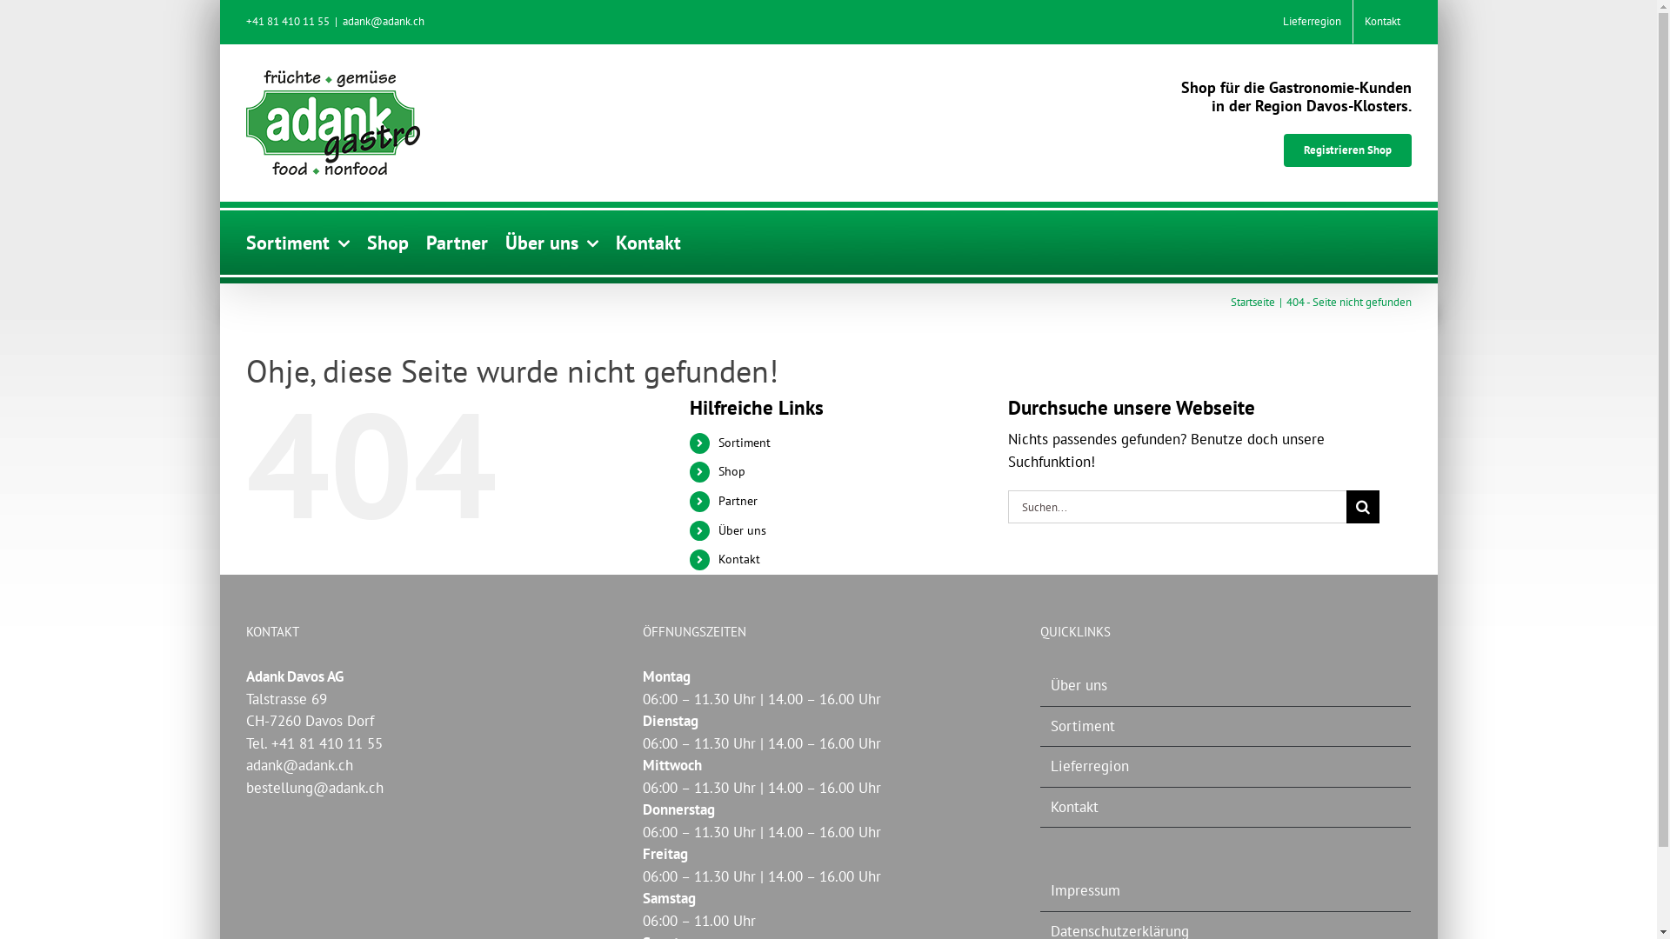  Describe the element at coordinates (738, 500) in the screenshot. I see `'Partner'` at that location.